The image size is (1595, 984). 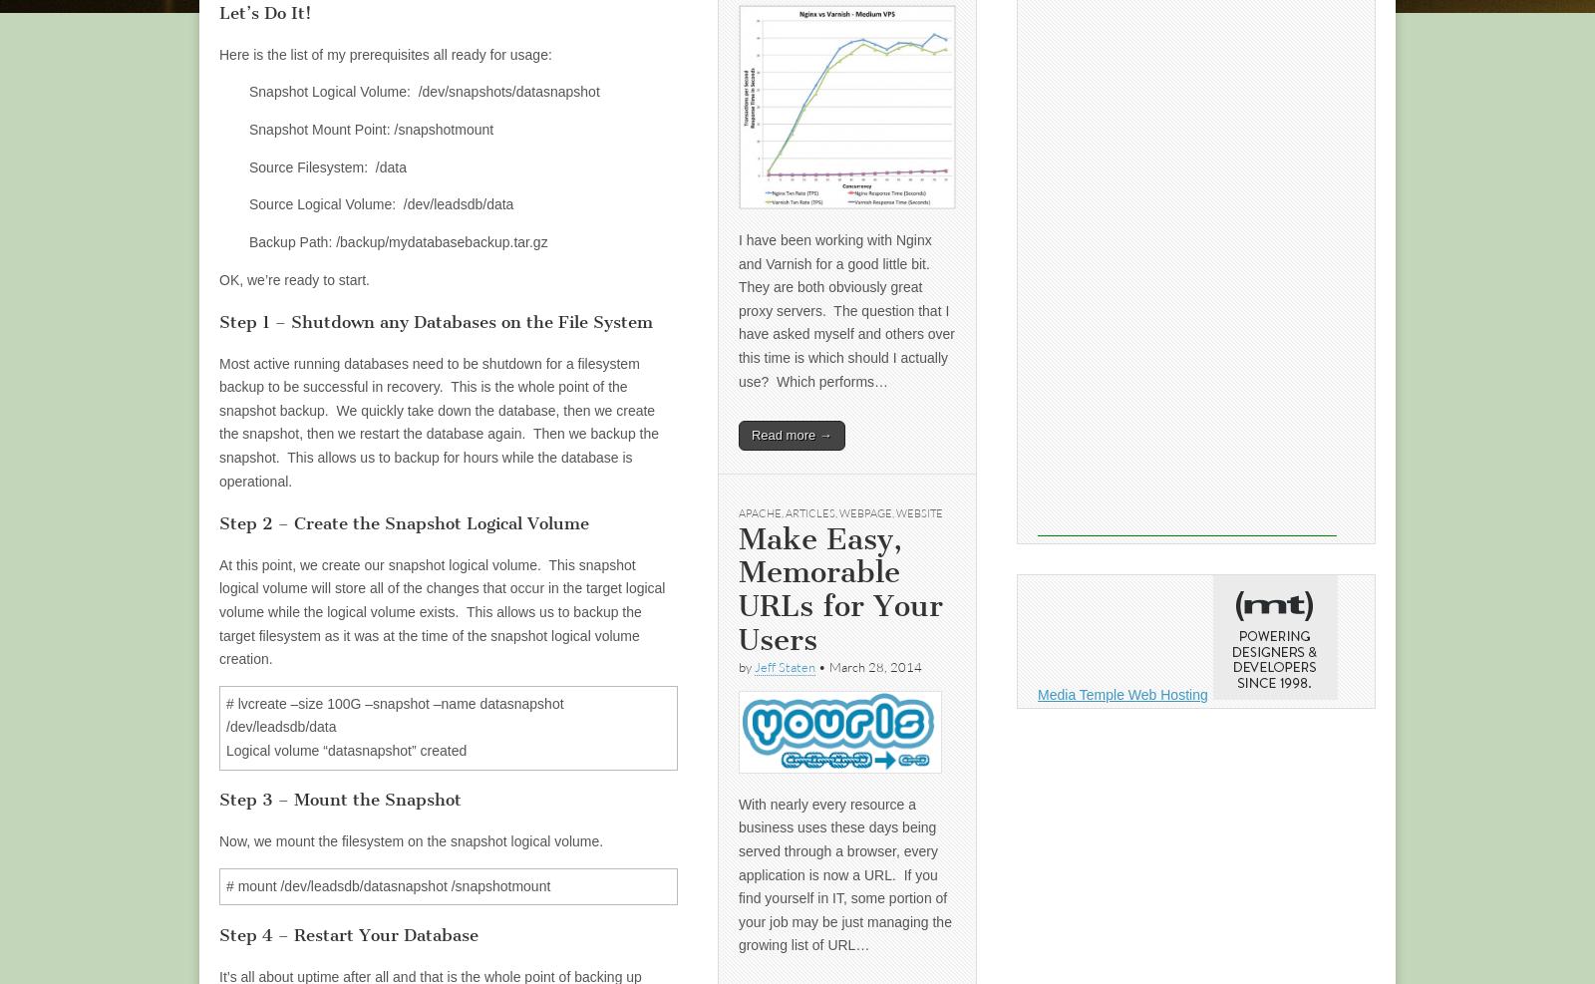 What do you see at coordinates (843, 873) in the screenshot?
I see `'With nearly every resource a business uses these days being served through a browser, every application is now a URL.  If you find yourself in IT, some portion of your job may be just managing the growing list of URL…'` at bounding box center [843, 873].